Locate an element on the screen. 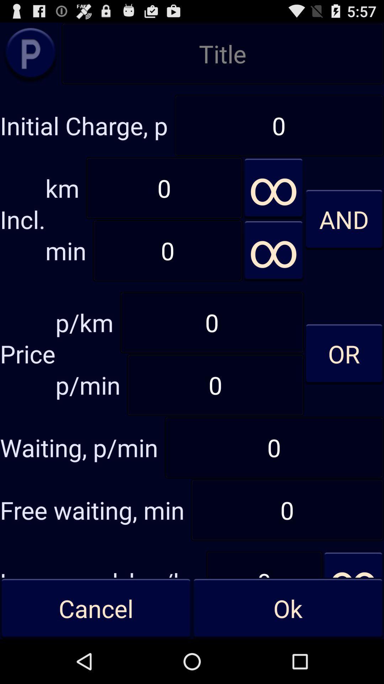 Image resolution: width=384 pixels, height=684 pixels. the chat icon is located at coordinates (30, 57).